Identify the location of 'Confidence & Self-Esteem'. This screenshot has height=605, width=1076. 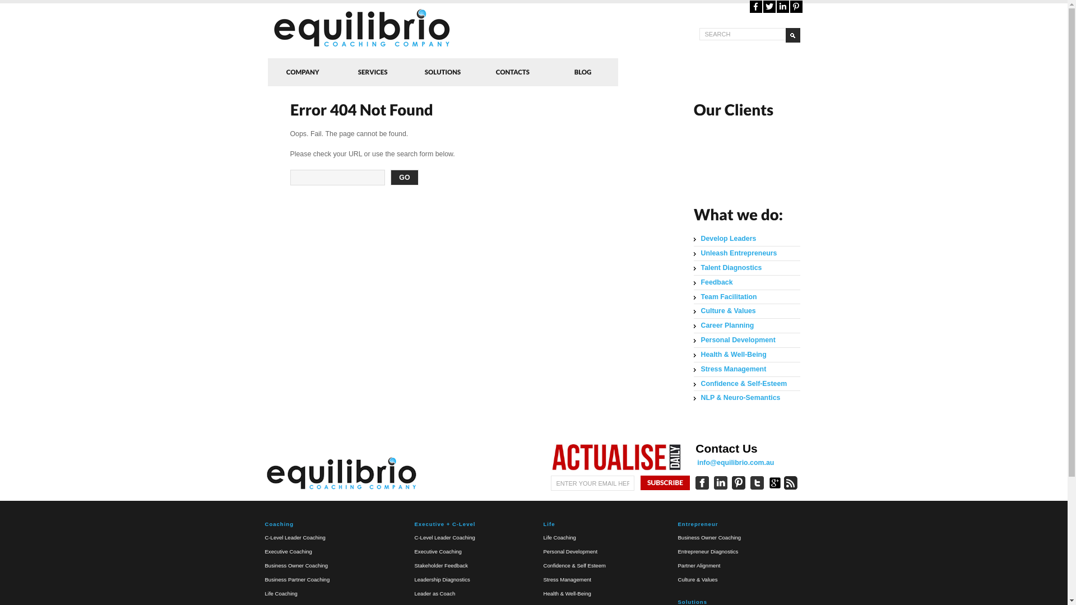
(742, 383).